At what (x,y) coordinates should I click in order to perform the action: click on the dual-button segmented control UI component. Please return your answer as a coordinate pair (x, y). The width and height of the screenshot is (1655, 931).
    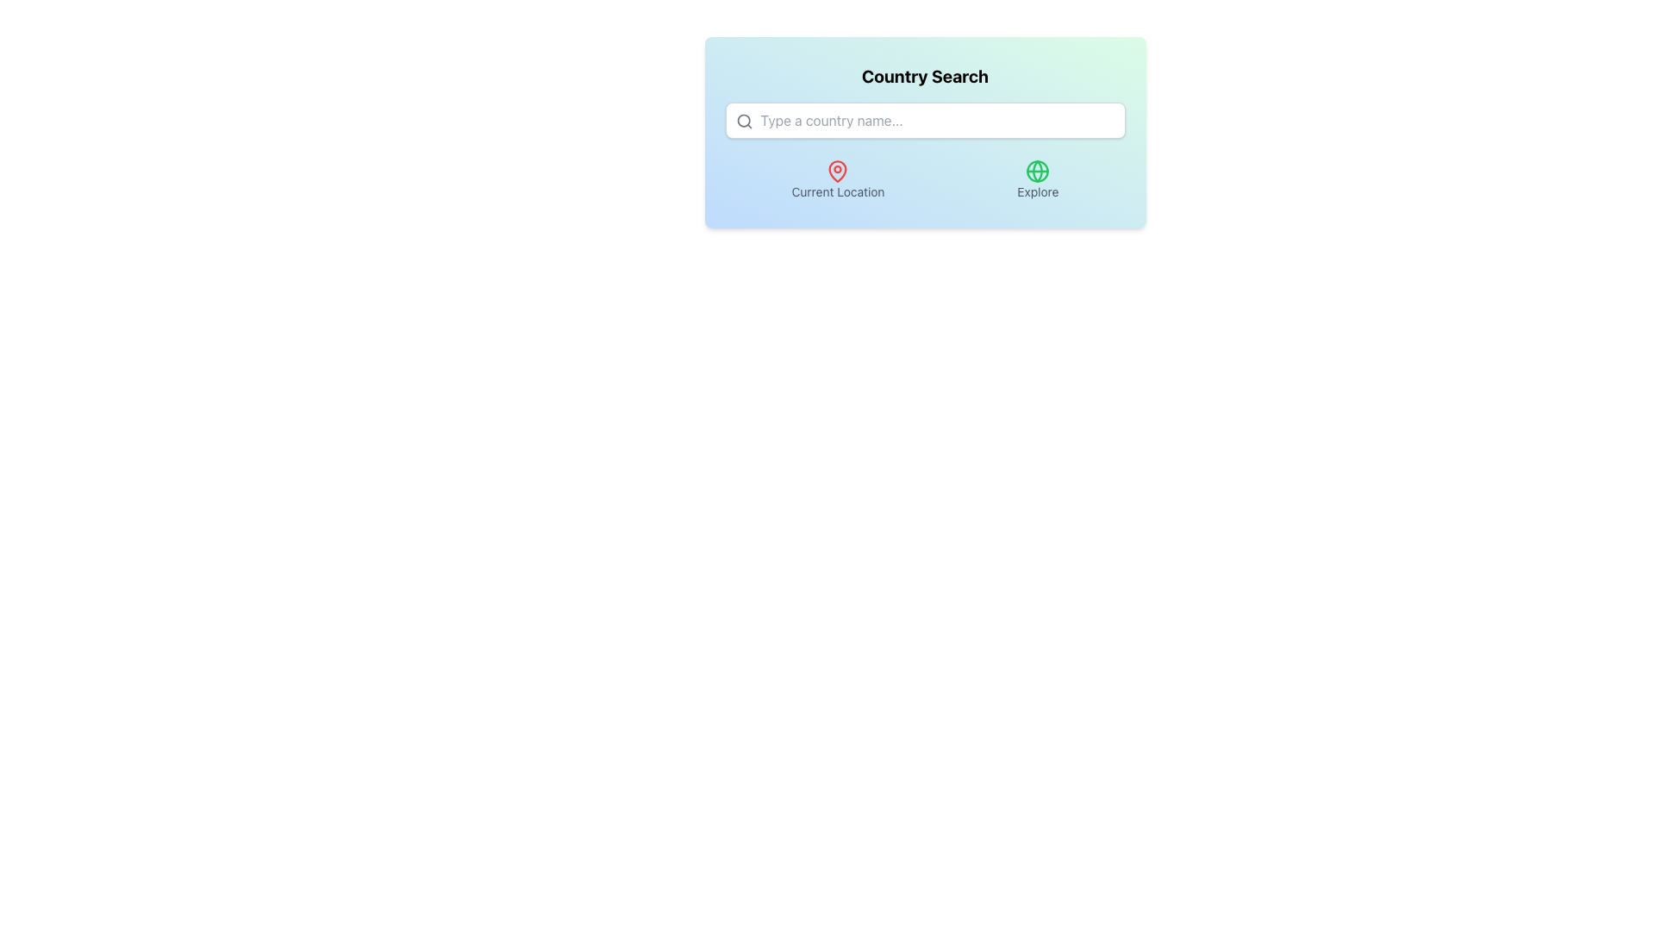
    Looking at the image, I should click on (924, 179).